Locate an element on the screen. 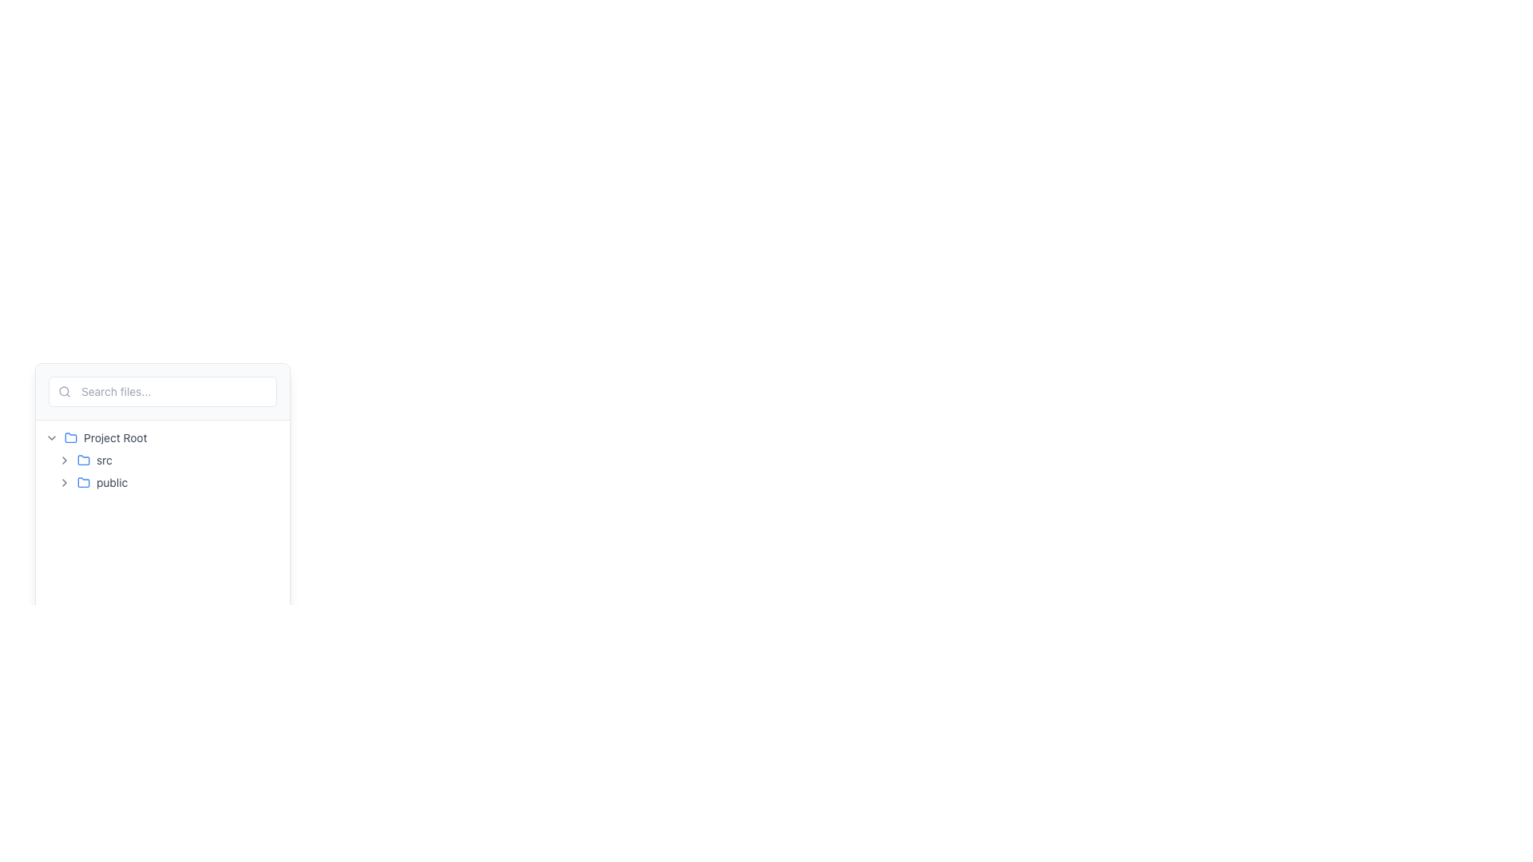 Image resolution: width=1533 pixels, height=862 pixels. the text label indicating 'public', which is positioned to the right of the folder icon is located at coordinates (92, 482).